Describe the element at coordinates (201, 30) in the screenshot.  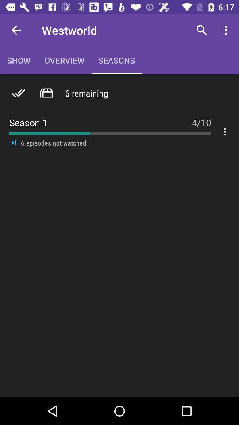
I see `the icon above the season 1` at that location.